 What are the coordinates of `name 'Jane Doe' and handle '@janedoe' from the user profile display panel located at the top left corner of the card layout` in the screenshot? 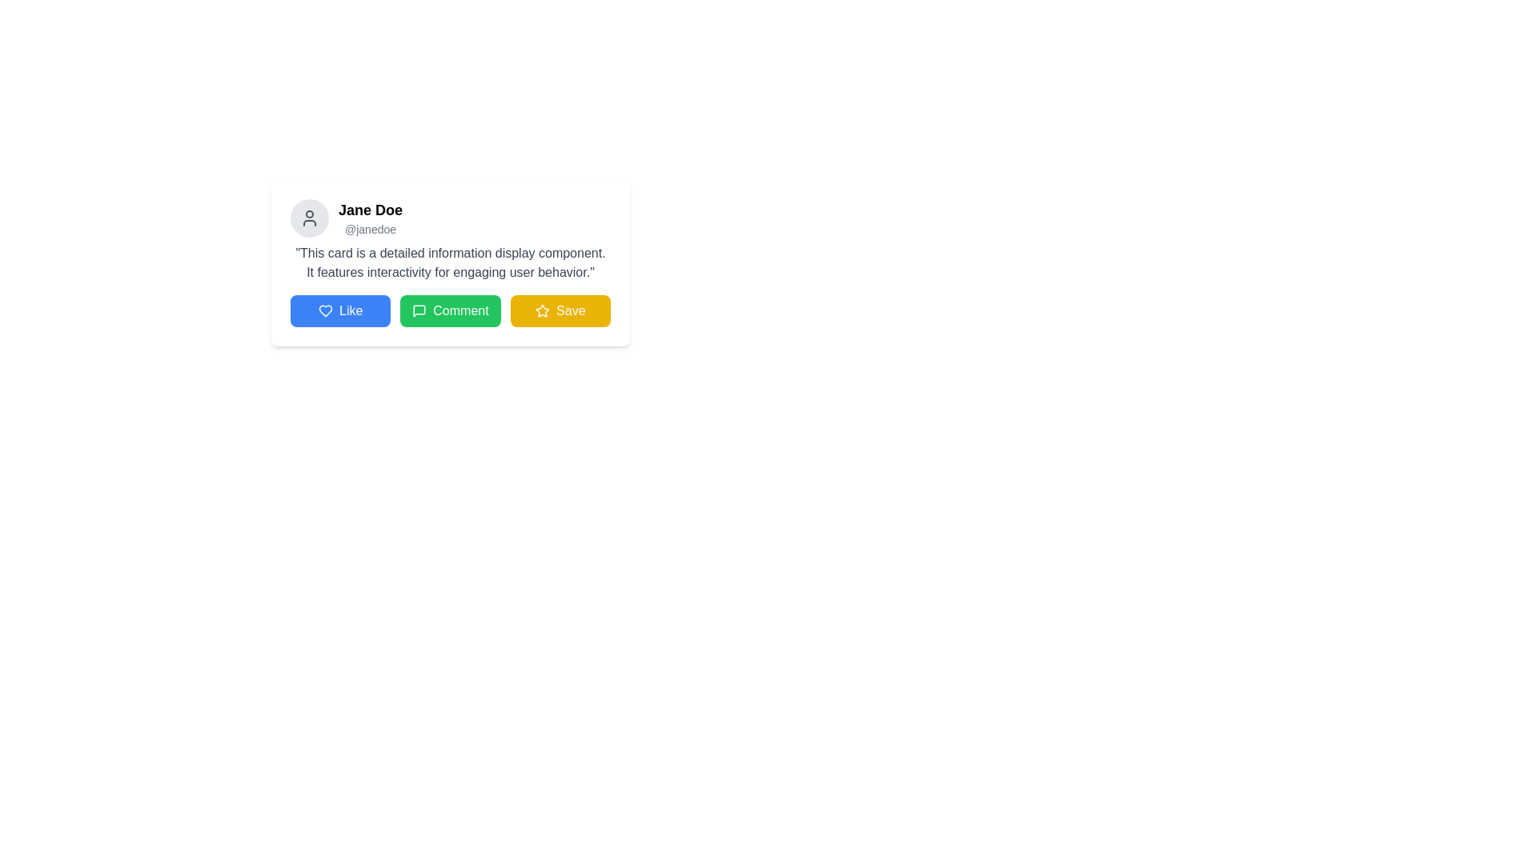 It's located at (449, 218).